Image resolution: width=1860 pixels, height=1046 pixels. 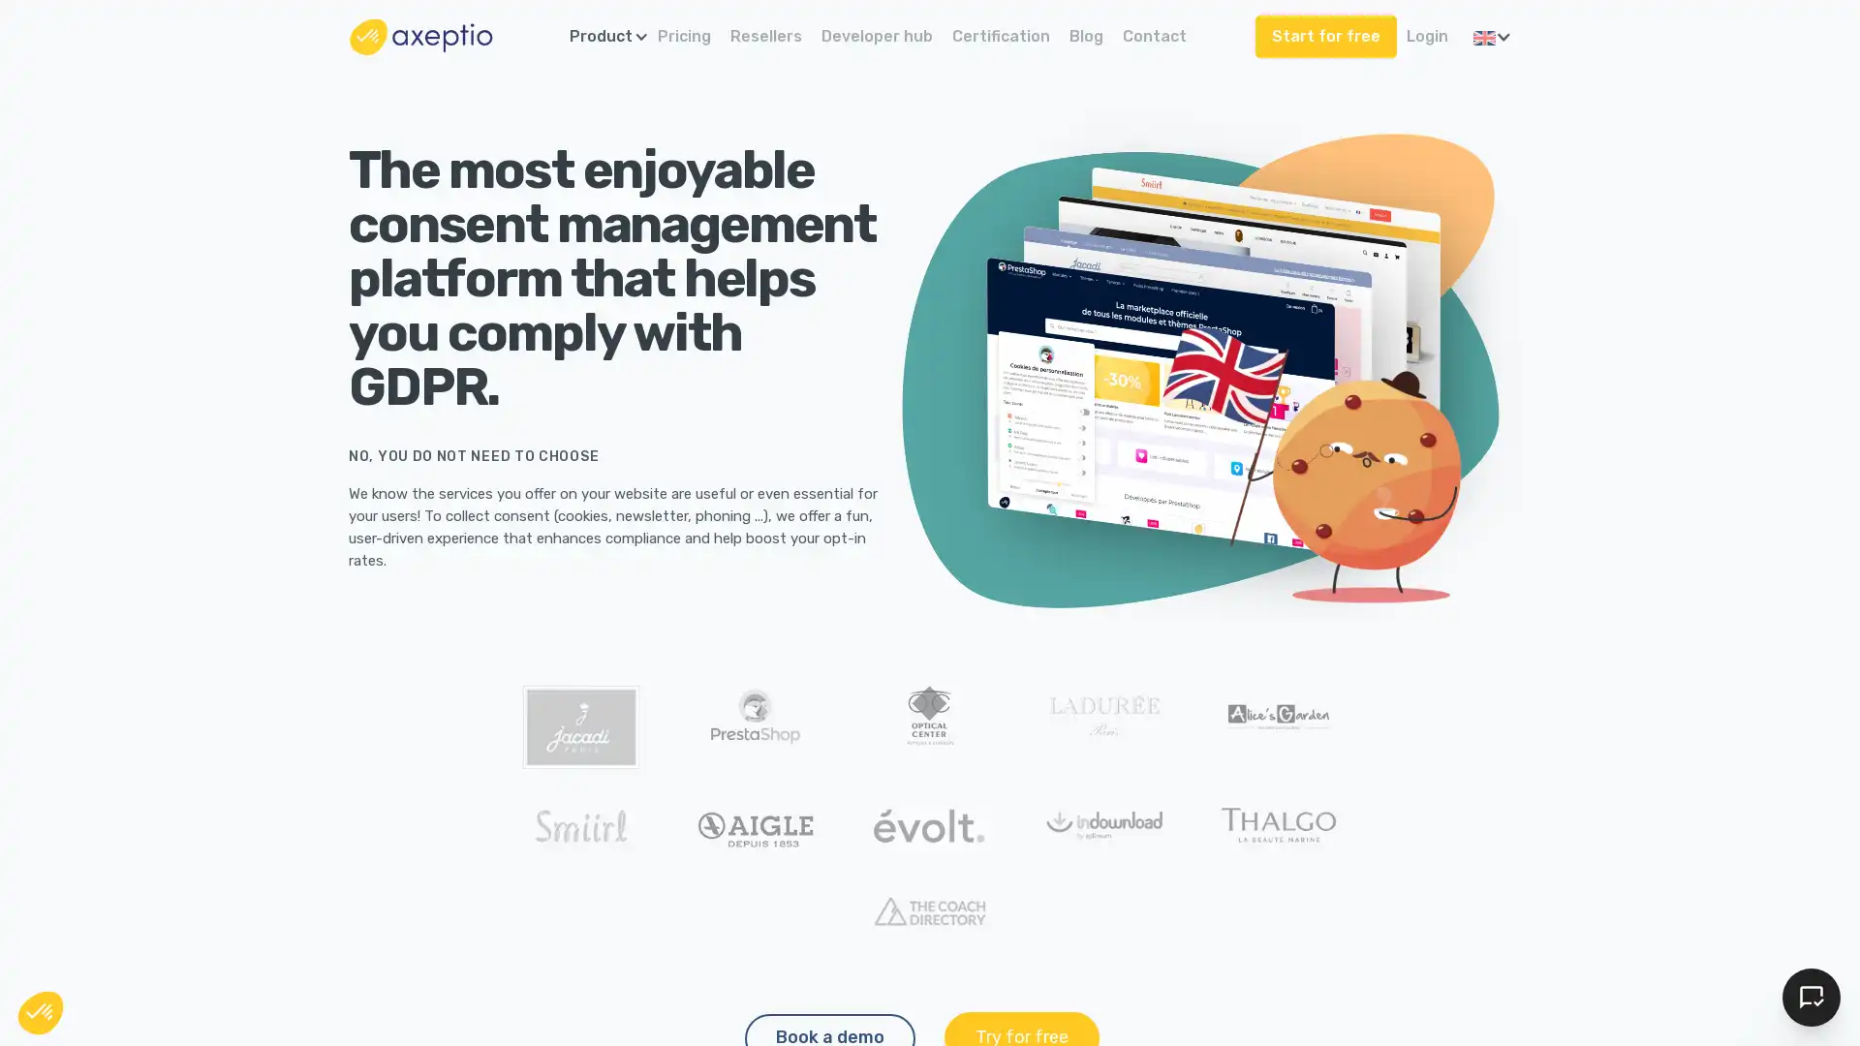 What do you see at coordinates (222, 897) in the screenshot?
I see `Consents certified by` at bounding box center [222, 897].